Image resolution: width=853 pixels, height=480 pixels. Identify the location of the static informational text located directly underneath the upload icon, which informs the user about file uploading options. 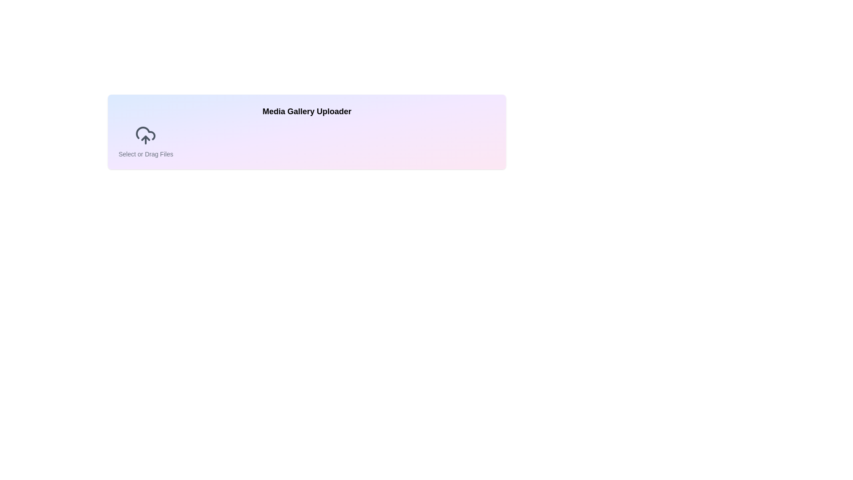
(146, 154).